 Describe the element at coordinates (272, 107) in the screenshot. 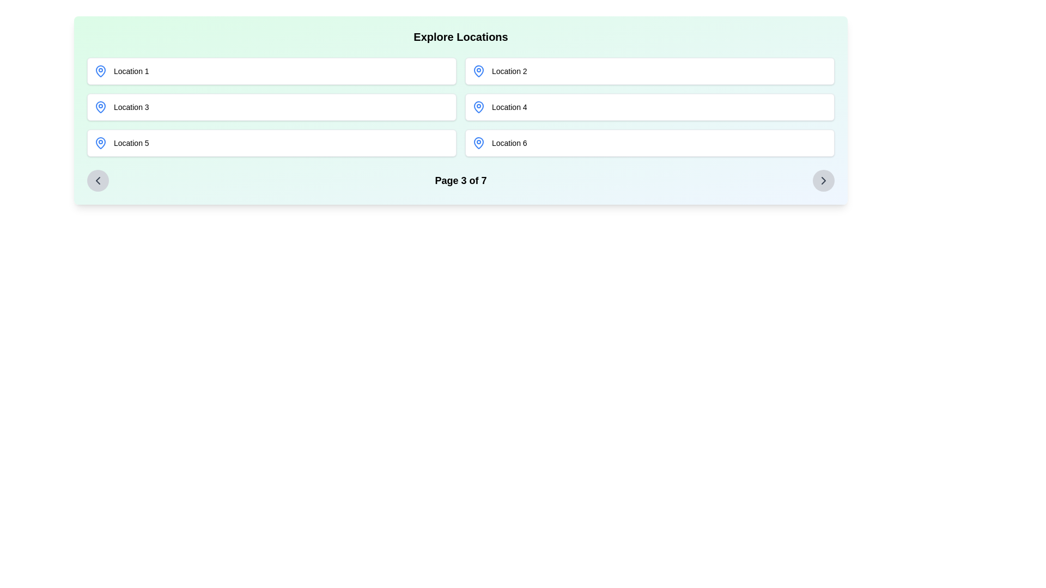

I see `the selectable location option labeled 'Location 3', which is the first item in the second row of a 2x3 grid layout` at that location.